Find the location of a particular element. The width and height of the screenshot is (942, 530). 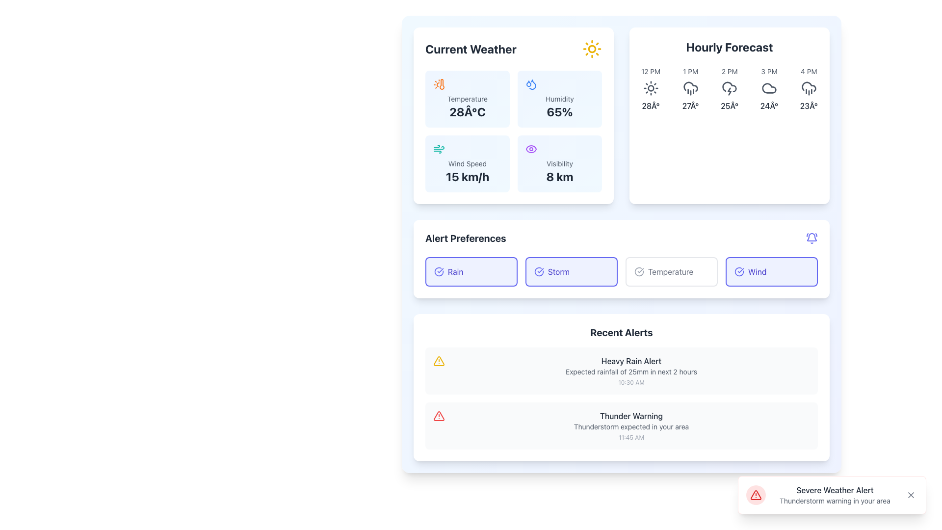

the centered filled circle of the sun icon located at the top-right of the 'Current Weather' section, which visually represents sunny weather conditions is located at coordinates (651, 88).